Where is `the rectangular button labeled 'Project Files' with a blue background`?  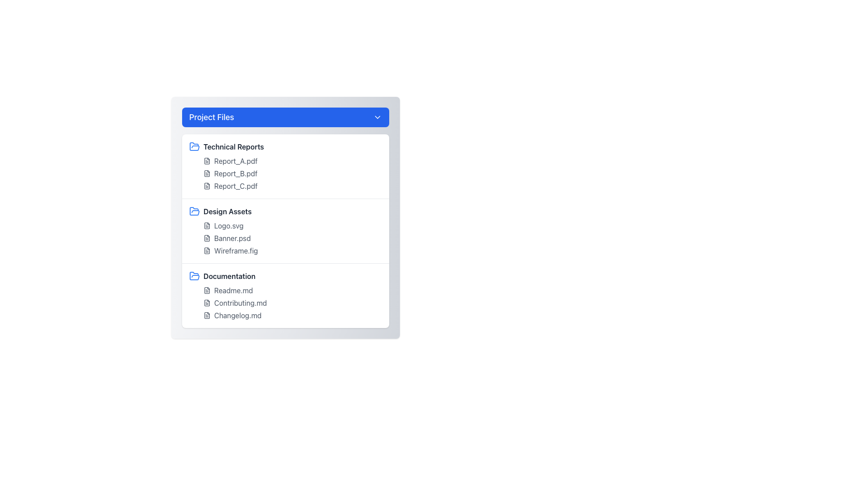 the rectangular button labeled 'Project Files' with a blue background is located at coordinates (285, 116).